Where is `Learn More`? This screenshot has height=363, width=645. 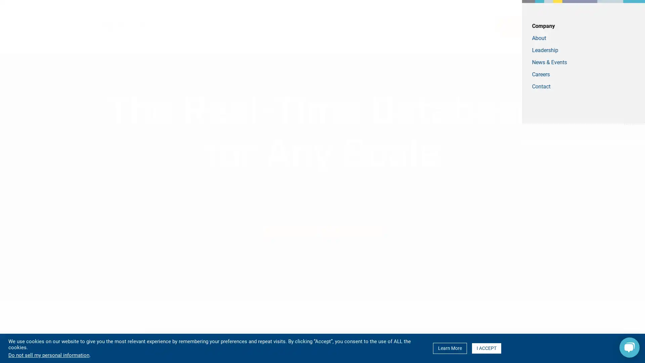 Learn More is located at coordinates (450, 348).